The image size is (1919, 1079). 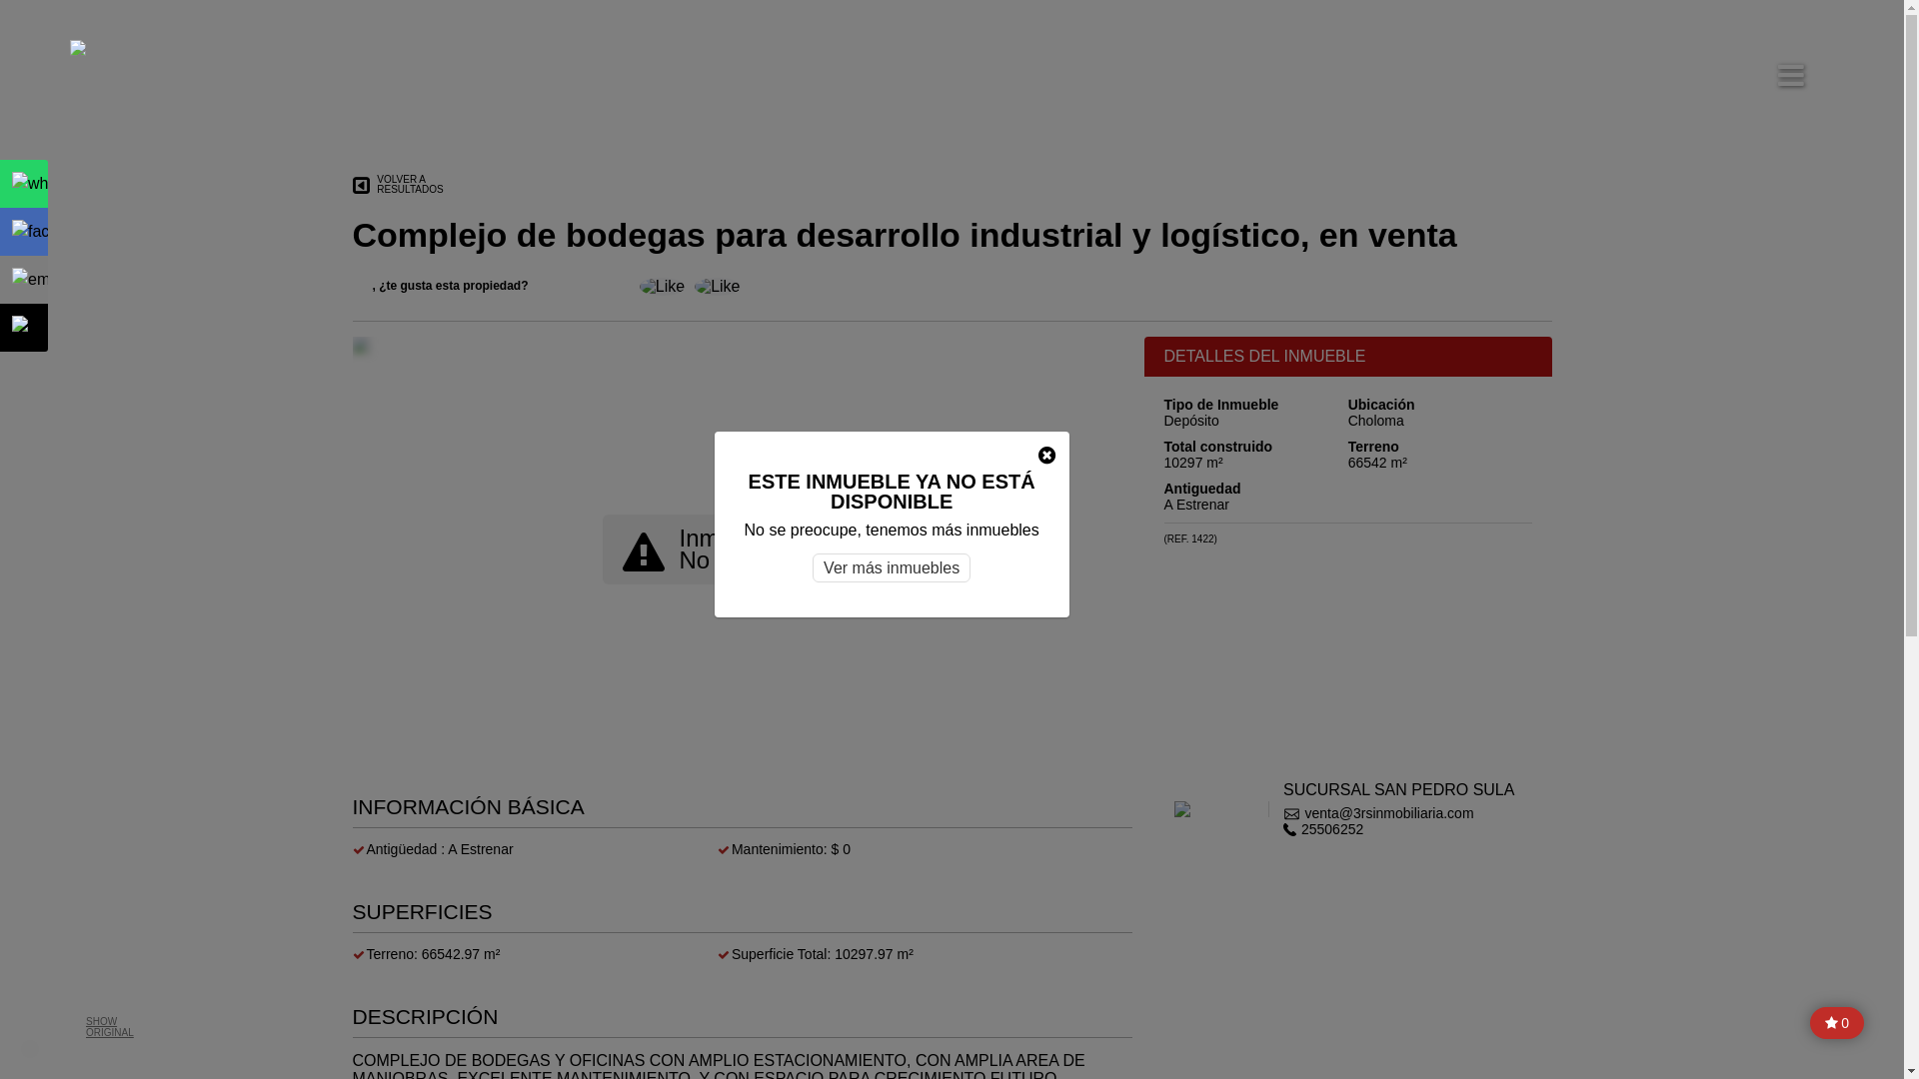 What do you see at coordinates (1282, 812) in the screenshot?
I see `'venta@3rsinmobiliaria.com'` at bounding box center [1282, 812].